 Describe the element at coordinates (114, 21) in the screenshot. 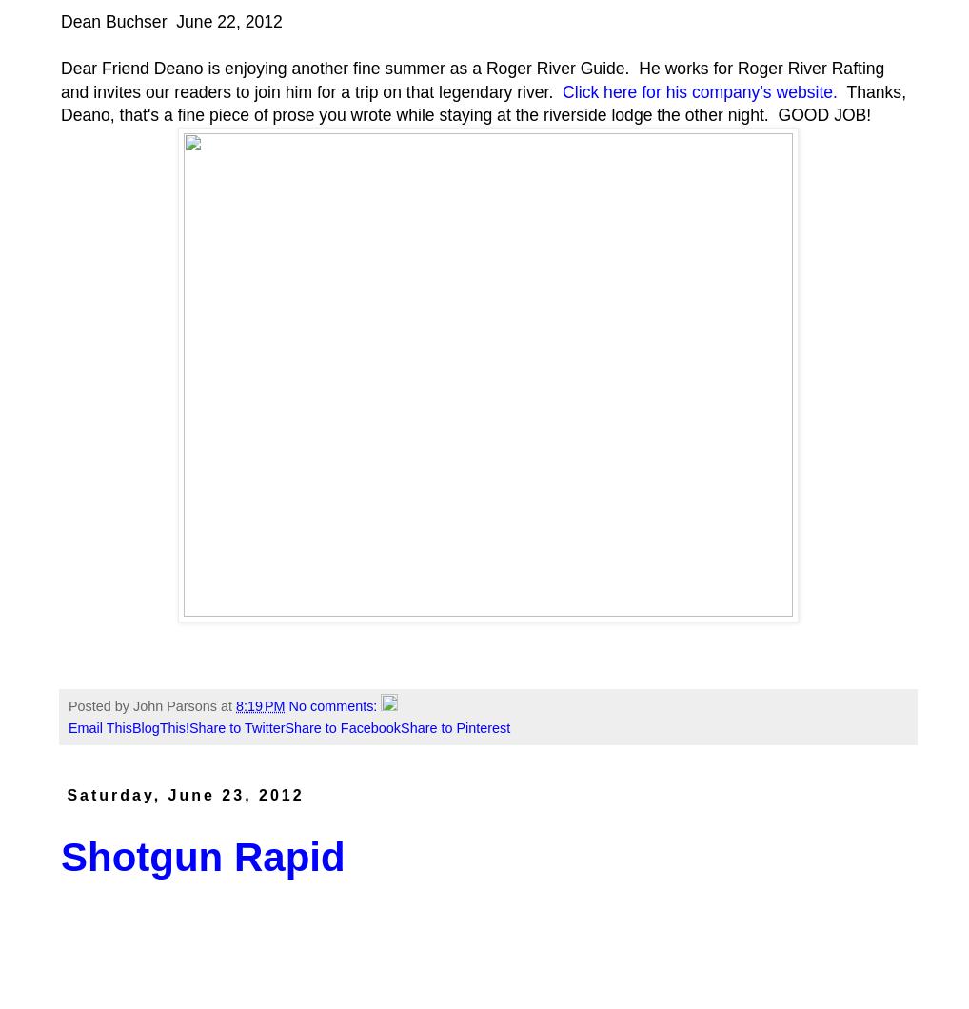

I see `'Dean Buchser'` at that location.